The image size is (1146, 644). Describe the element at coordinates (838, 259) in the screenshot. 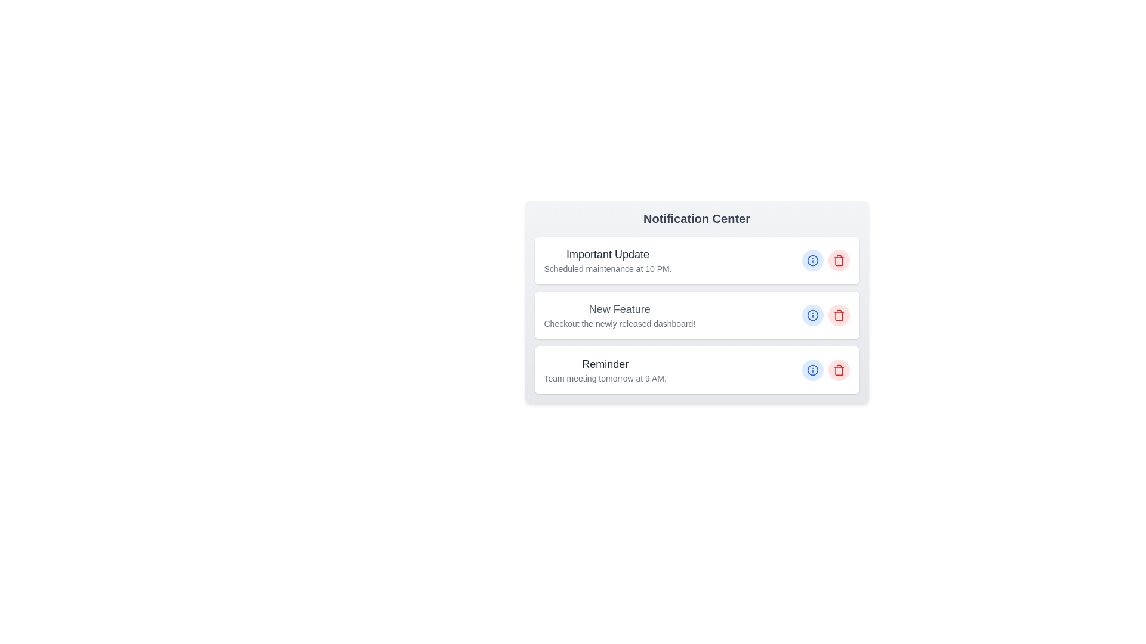

I see `delete button next to the item titled 'Important Update' to remove it from the list` at that location.